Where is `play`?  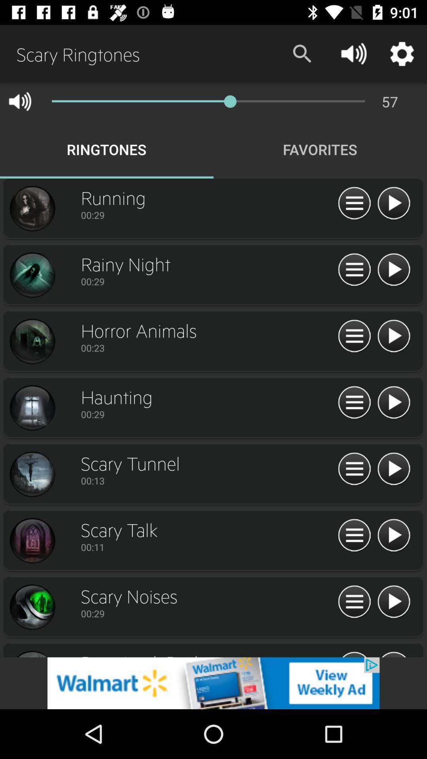 play is located at coordinates (354, 536).